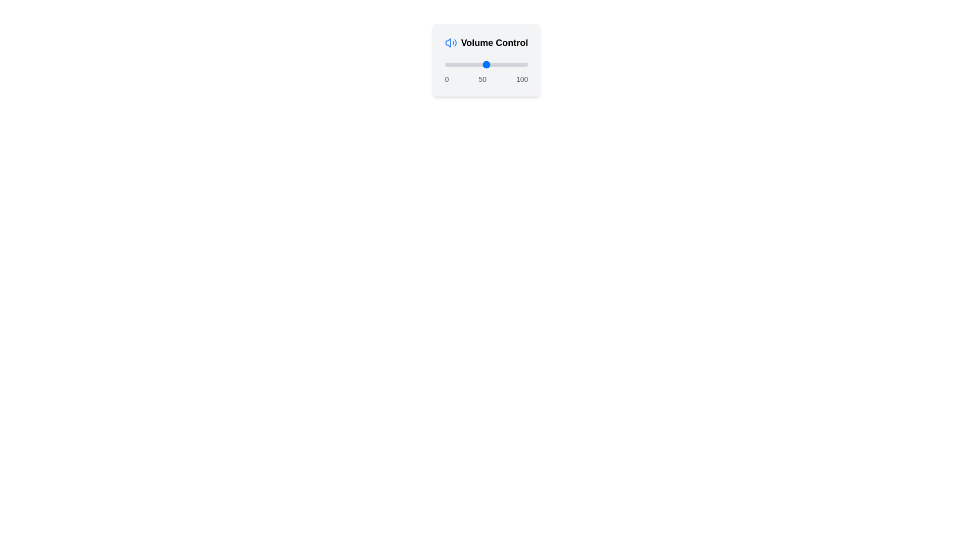  I want to click on the volume, so click(495, 64).